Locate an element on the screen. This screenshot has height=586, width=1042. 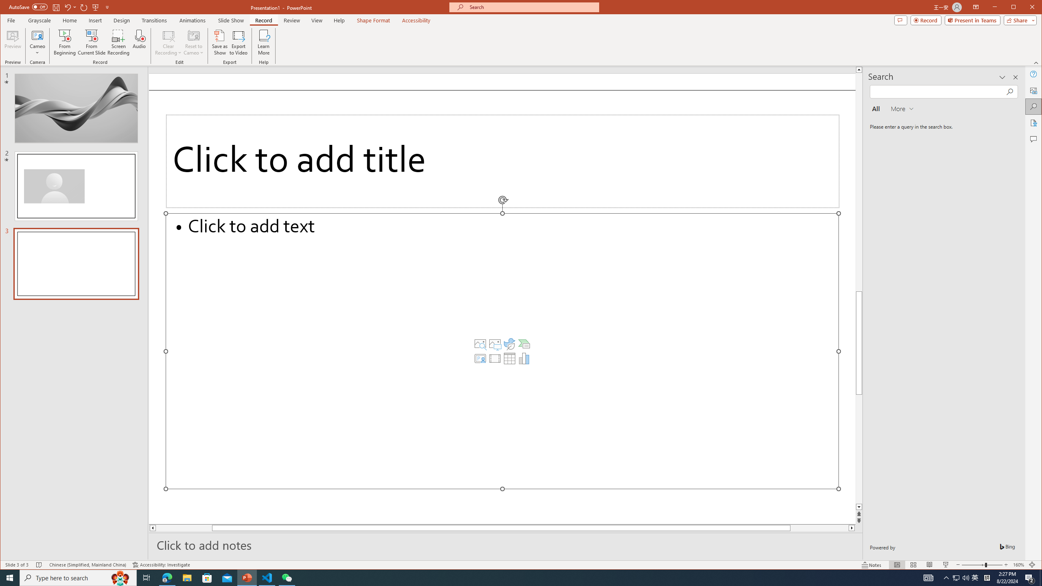
'Content Placeholder' is located at coordinates (524, 344).